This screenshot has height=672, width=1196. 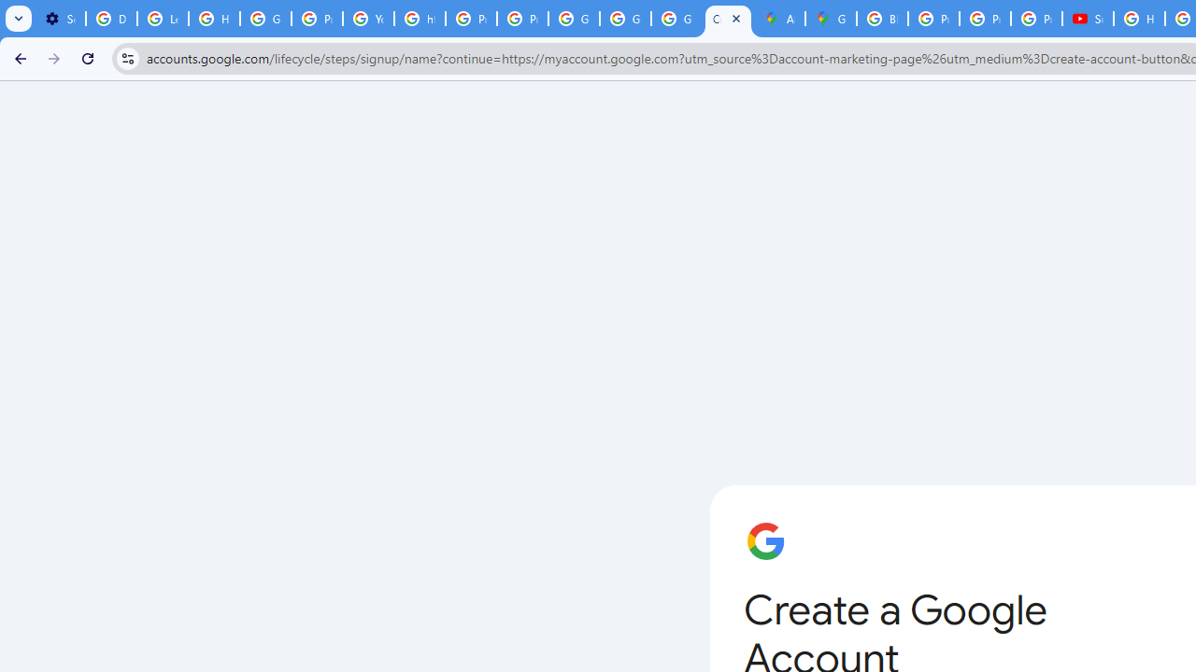 What do you see at coordinates (264, 19) in the screenshot?
I see `'Google Account Help'` at bounding box center [264, 19].